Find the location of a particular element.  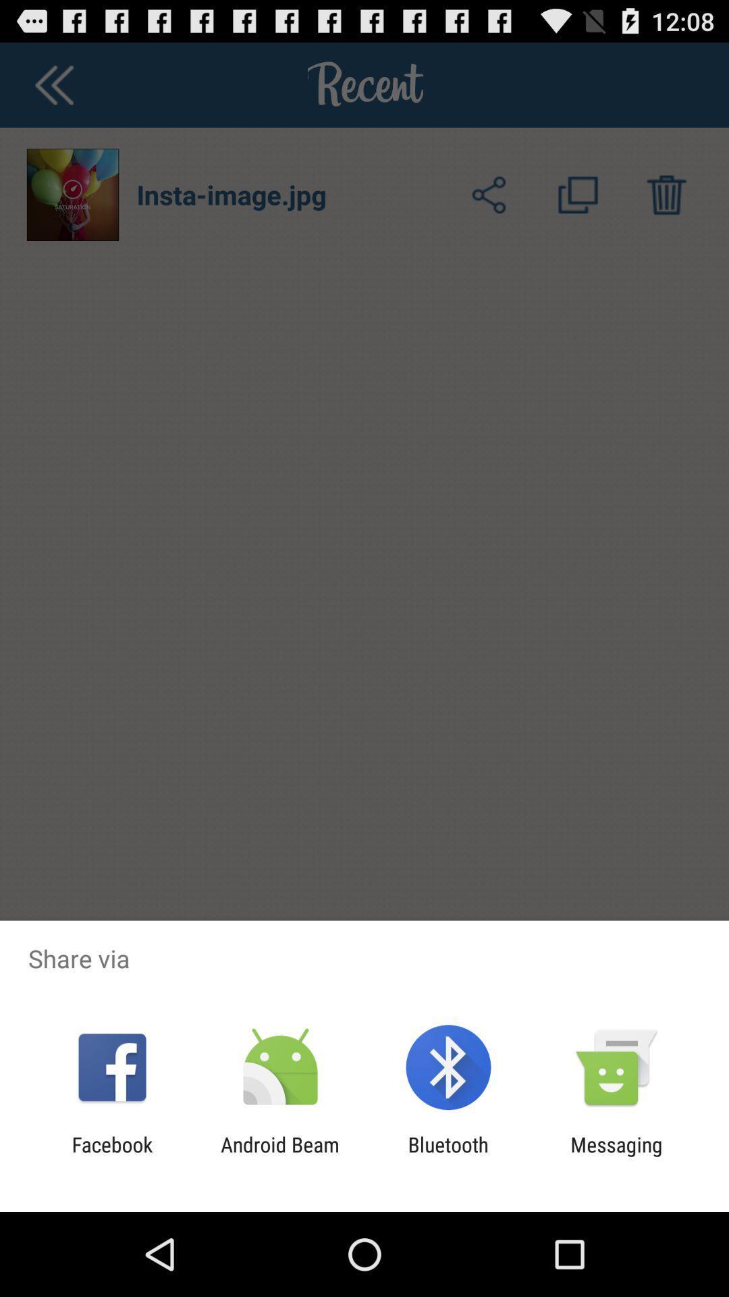

android beam app is located at coordinates (279, 1156).